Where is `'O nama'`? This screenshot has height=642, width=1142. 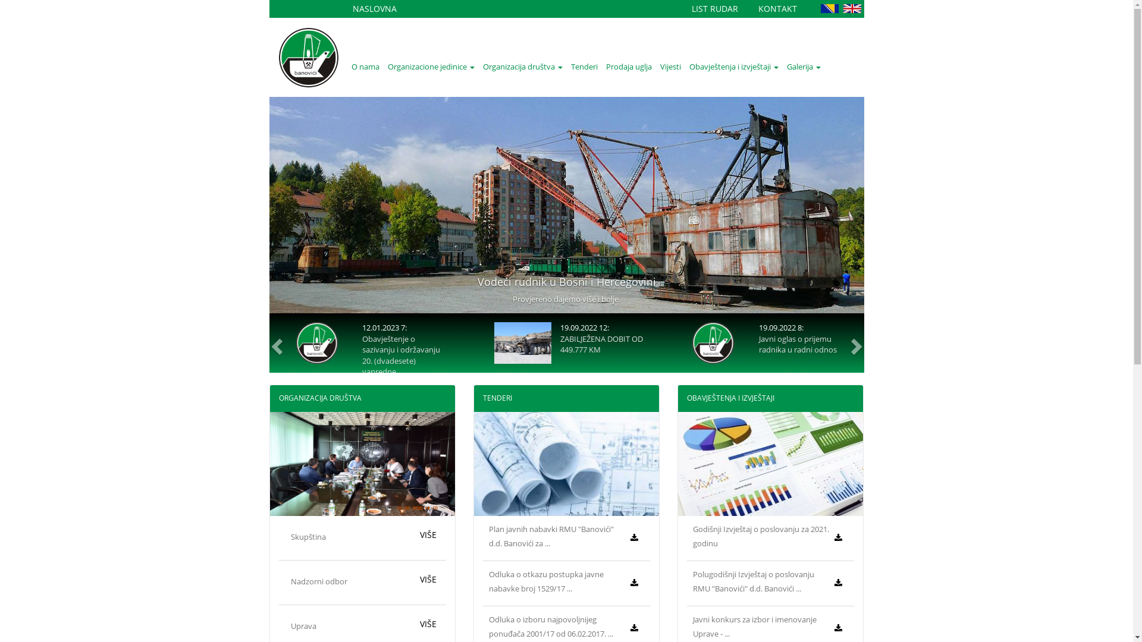
'O nama' is located at coordinates (347, 66).